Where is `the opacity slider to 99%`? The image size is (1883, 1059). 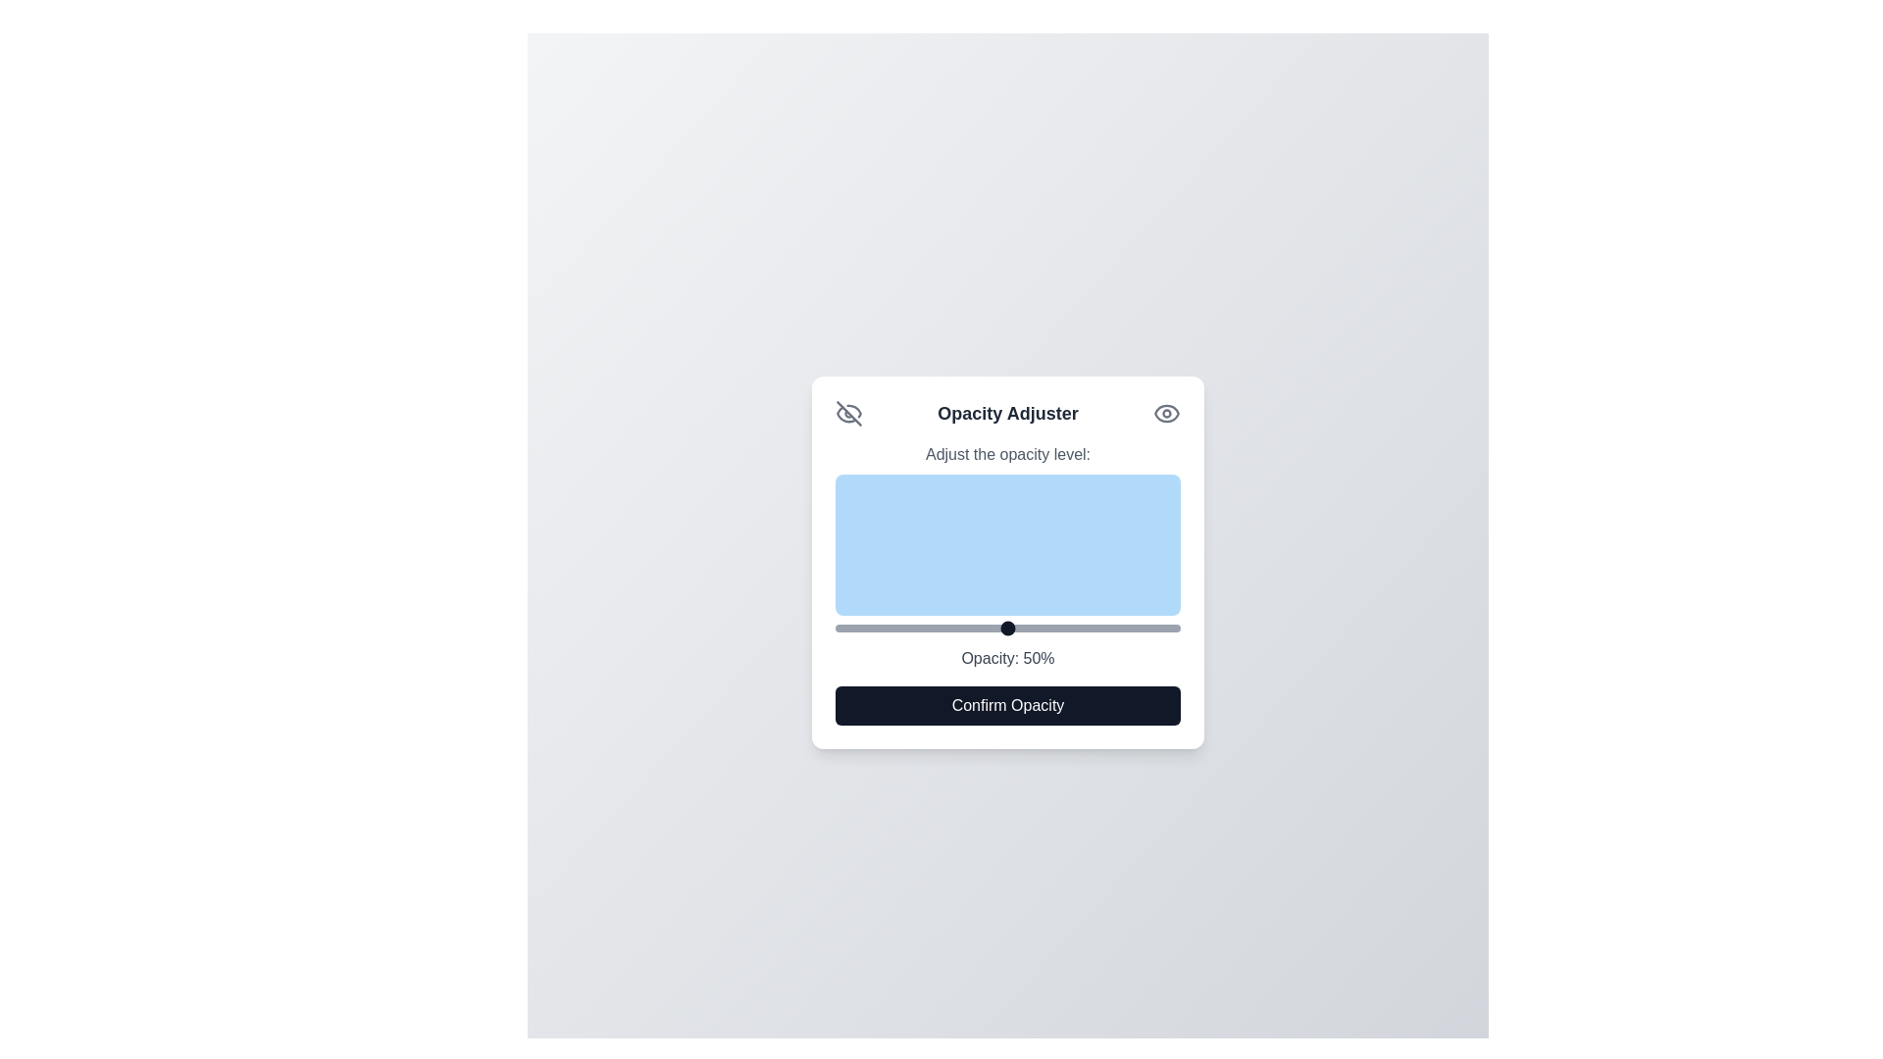
the opacity slider to 99% is located at coordinates (1177, 628).